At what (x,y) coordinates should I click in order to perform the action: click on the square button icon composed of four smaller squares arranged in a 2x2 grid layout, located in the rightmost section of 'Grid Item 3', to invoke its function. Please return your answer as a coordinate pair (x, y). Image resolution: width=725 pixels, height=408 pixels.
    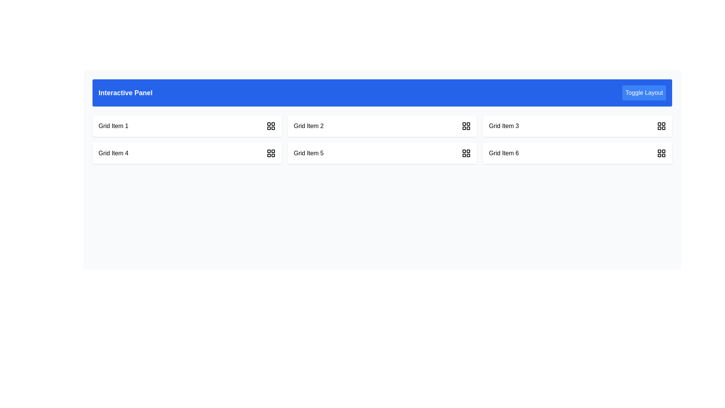
    Looking at the image, I should click on (661, 126).